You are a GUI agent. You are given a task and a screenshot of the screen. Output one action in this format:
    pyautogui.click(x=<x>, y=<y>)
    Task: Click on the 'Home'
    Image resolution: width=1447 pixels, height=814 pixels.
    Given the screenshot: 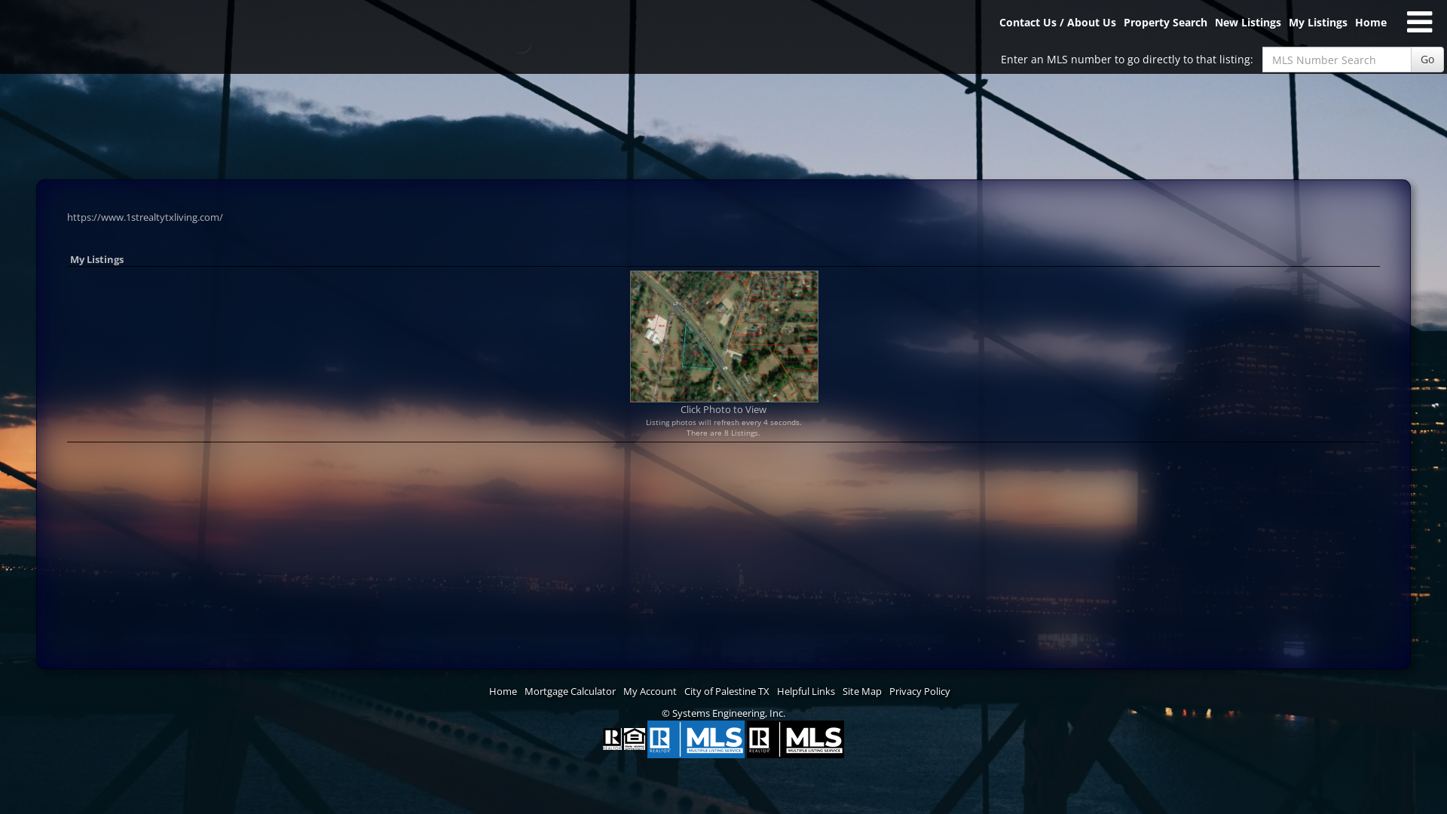 What is the action you would take?
    pyautogui.click(x=1371, y=28)
    